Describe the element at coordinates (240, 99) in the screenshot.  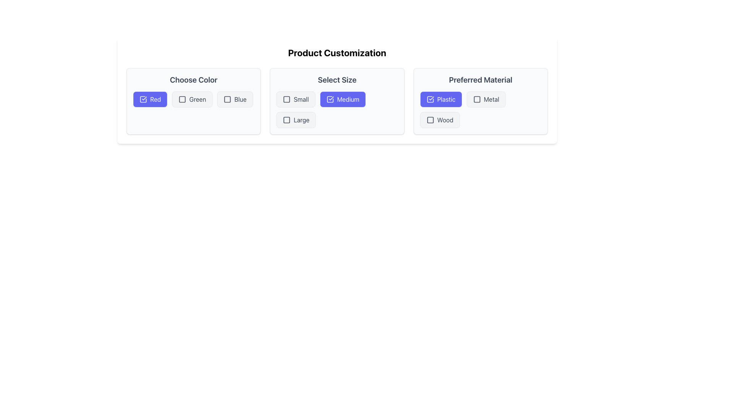
I see `text label for the blue color option within the 'Choose Color' segmented UI component` at that location.